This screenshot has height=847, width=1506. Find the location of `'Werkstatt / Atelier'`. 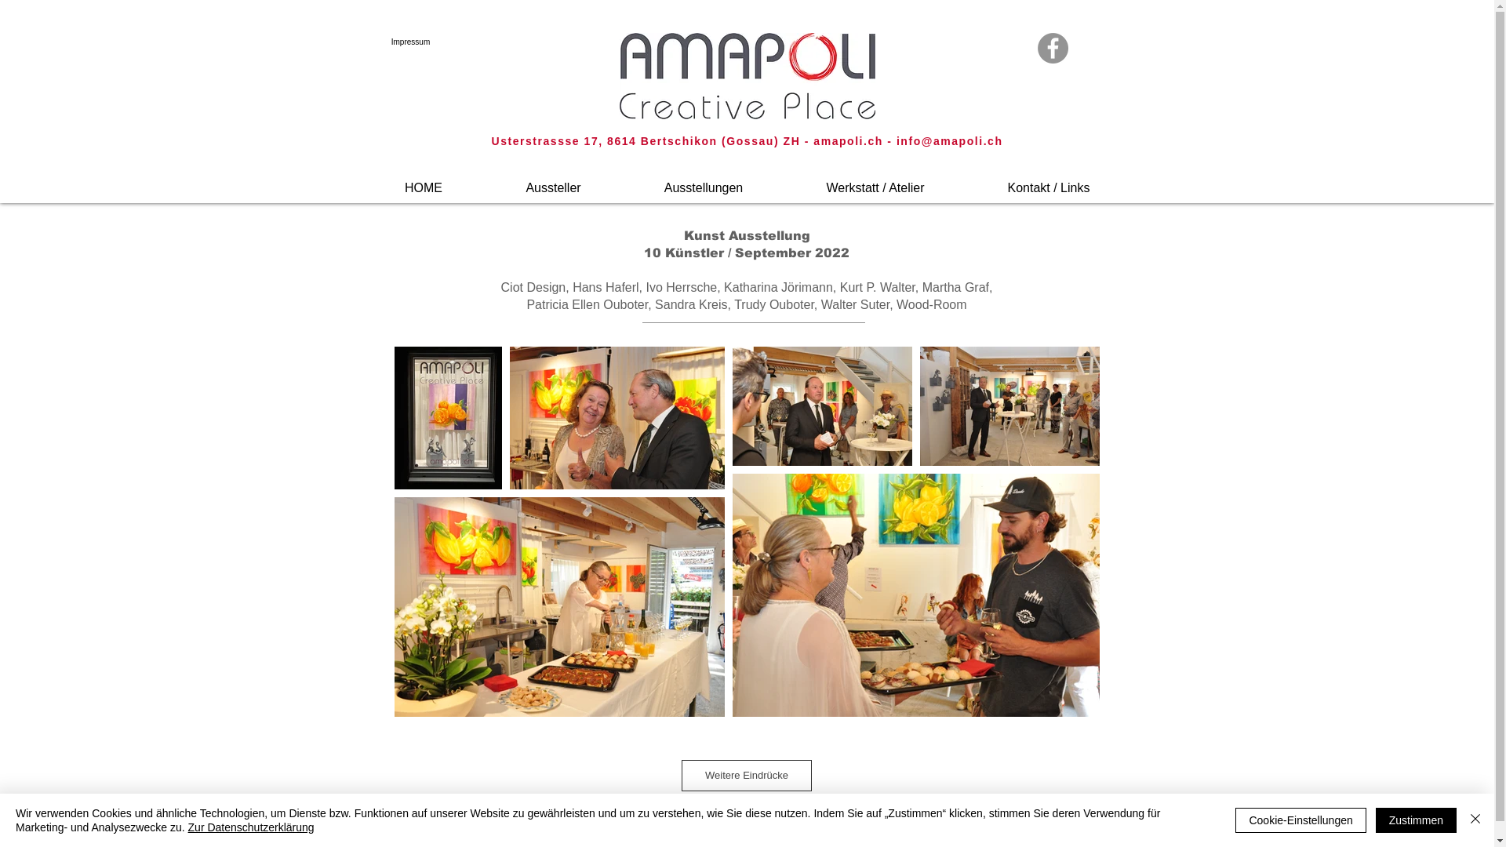

'Werkstatt / Atelier' is located at coordinates (784, 180).